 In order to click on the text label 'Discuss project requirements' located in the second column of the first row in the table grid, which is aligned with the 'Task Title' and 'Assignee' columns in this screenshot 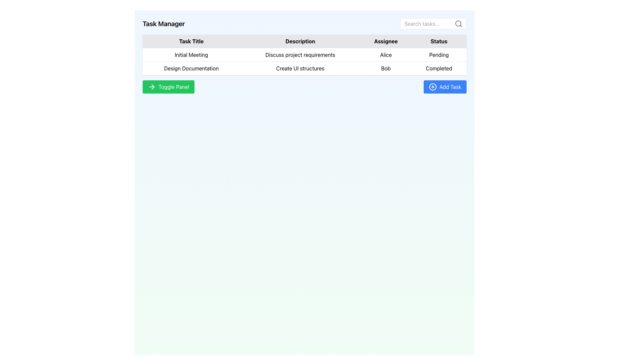, I will do `click(300, 54)`.